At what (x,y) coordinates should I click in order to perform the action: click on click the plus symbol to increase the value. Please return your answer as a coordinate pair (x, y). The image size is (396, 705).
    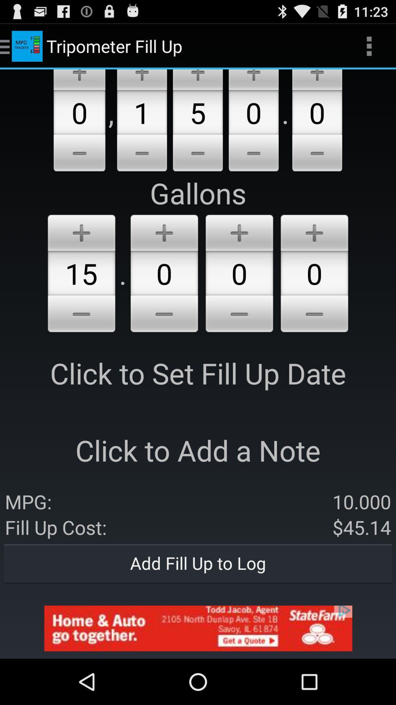
    Looking at the image, I should click on (164, 231).